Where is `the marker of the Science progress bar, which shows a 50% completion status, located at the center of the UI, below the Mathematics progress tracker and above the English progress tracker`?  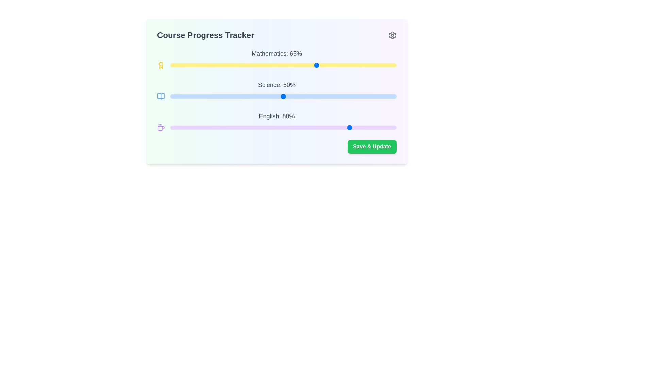
the marker of the Science progress bar, which shows a 50% completion status, located at the center of the UI, below the Mathematics progress tracker and above the English progress tracker is located at coordinates (277, 92).